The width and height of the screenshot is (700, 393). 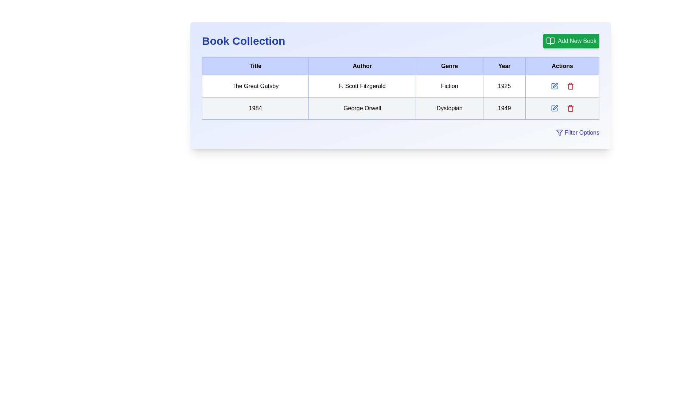 What do you see at coordinates (255, 108) in the screenshot?
I see `text displayed in the table cell showing '1984', which is located in the second row of the table under the 'Title' column` at bounding box center [255, 108].